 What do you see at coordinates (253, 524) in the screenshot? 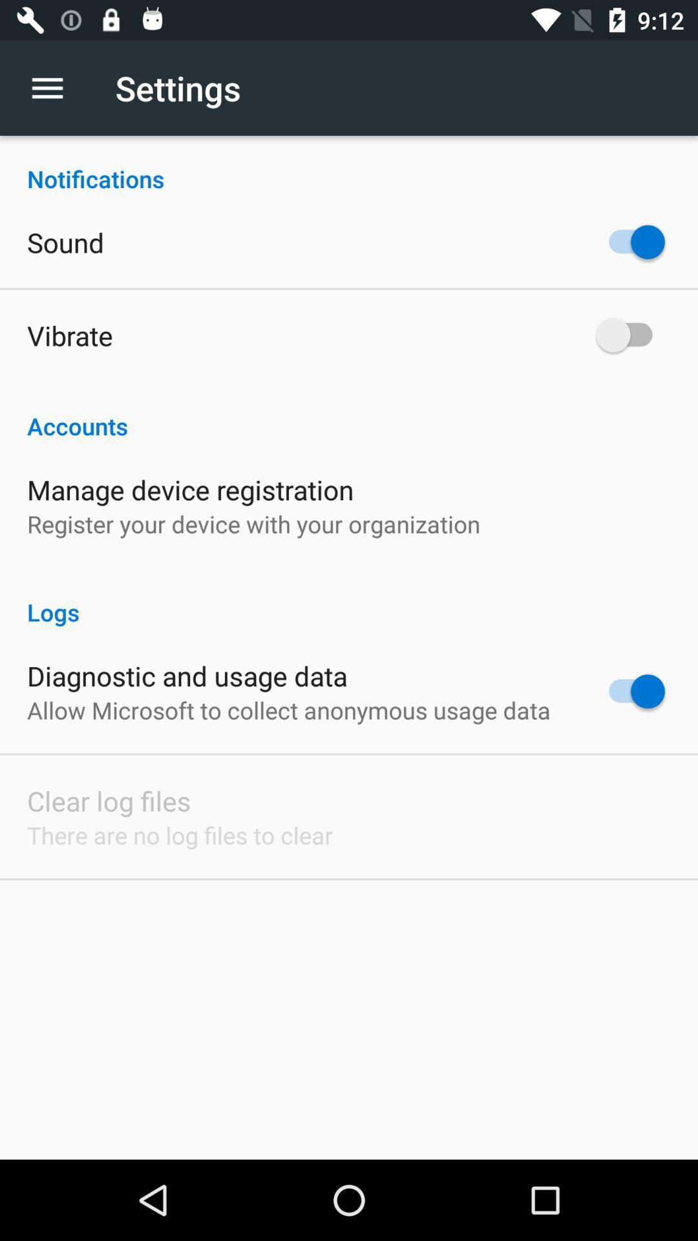
I see `the register your device` at bounding box center [253, 524].